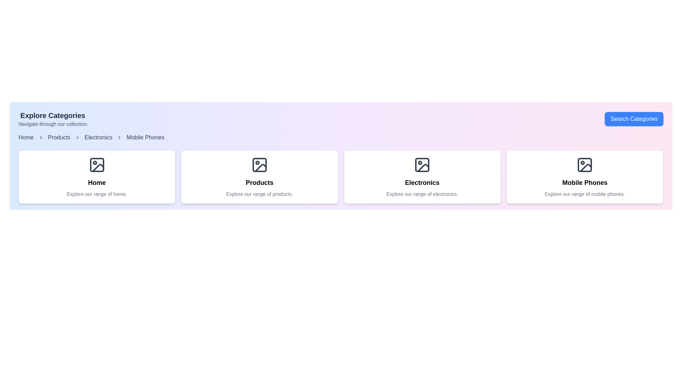  What do you see at coordinates (40, 137) in the screenshot?
I see `the first chevron icon in the breadcrumb navigation component, which separates the 'Home' and 'Products' links` at bounding box center [40, 137].